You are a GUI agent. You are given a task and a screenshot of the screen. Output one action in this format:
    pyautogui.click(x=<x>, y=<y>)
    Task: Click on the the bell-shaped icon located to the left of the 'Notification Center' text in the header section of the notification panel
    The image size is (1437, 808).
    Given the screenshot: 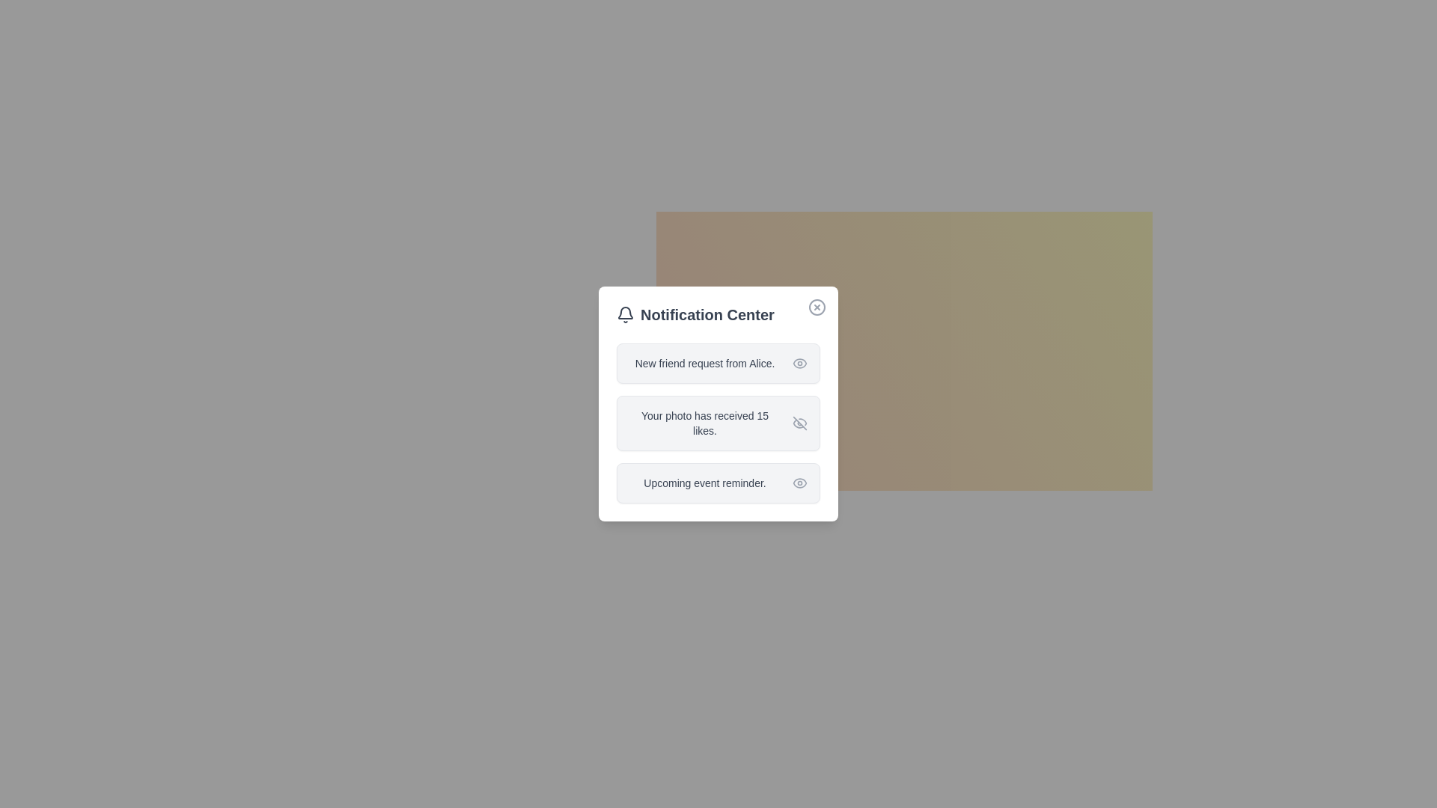 What is the action you would take?
    pyautogui.click(x=625, y=313)
    